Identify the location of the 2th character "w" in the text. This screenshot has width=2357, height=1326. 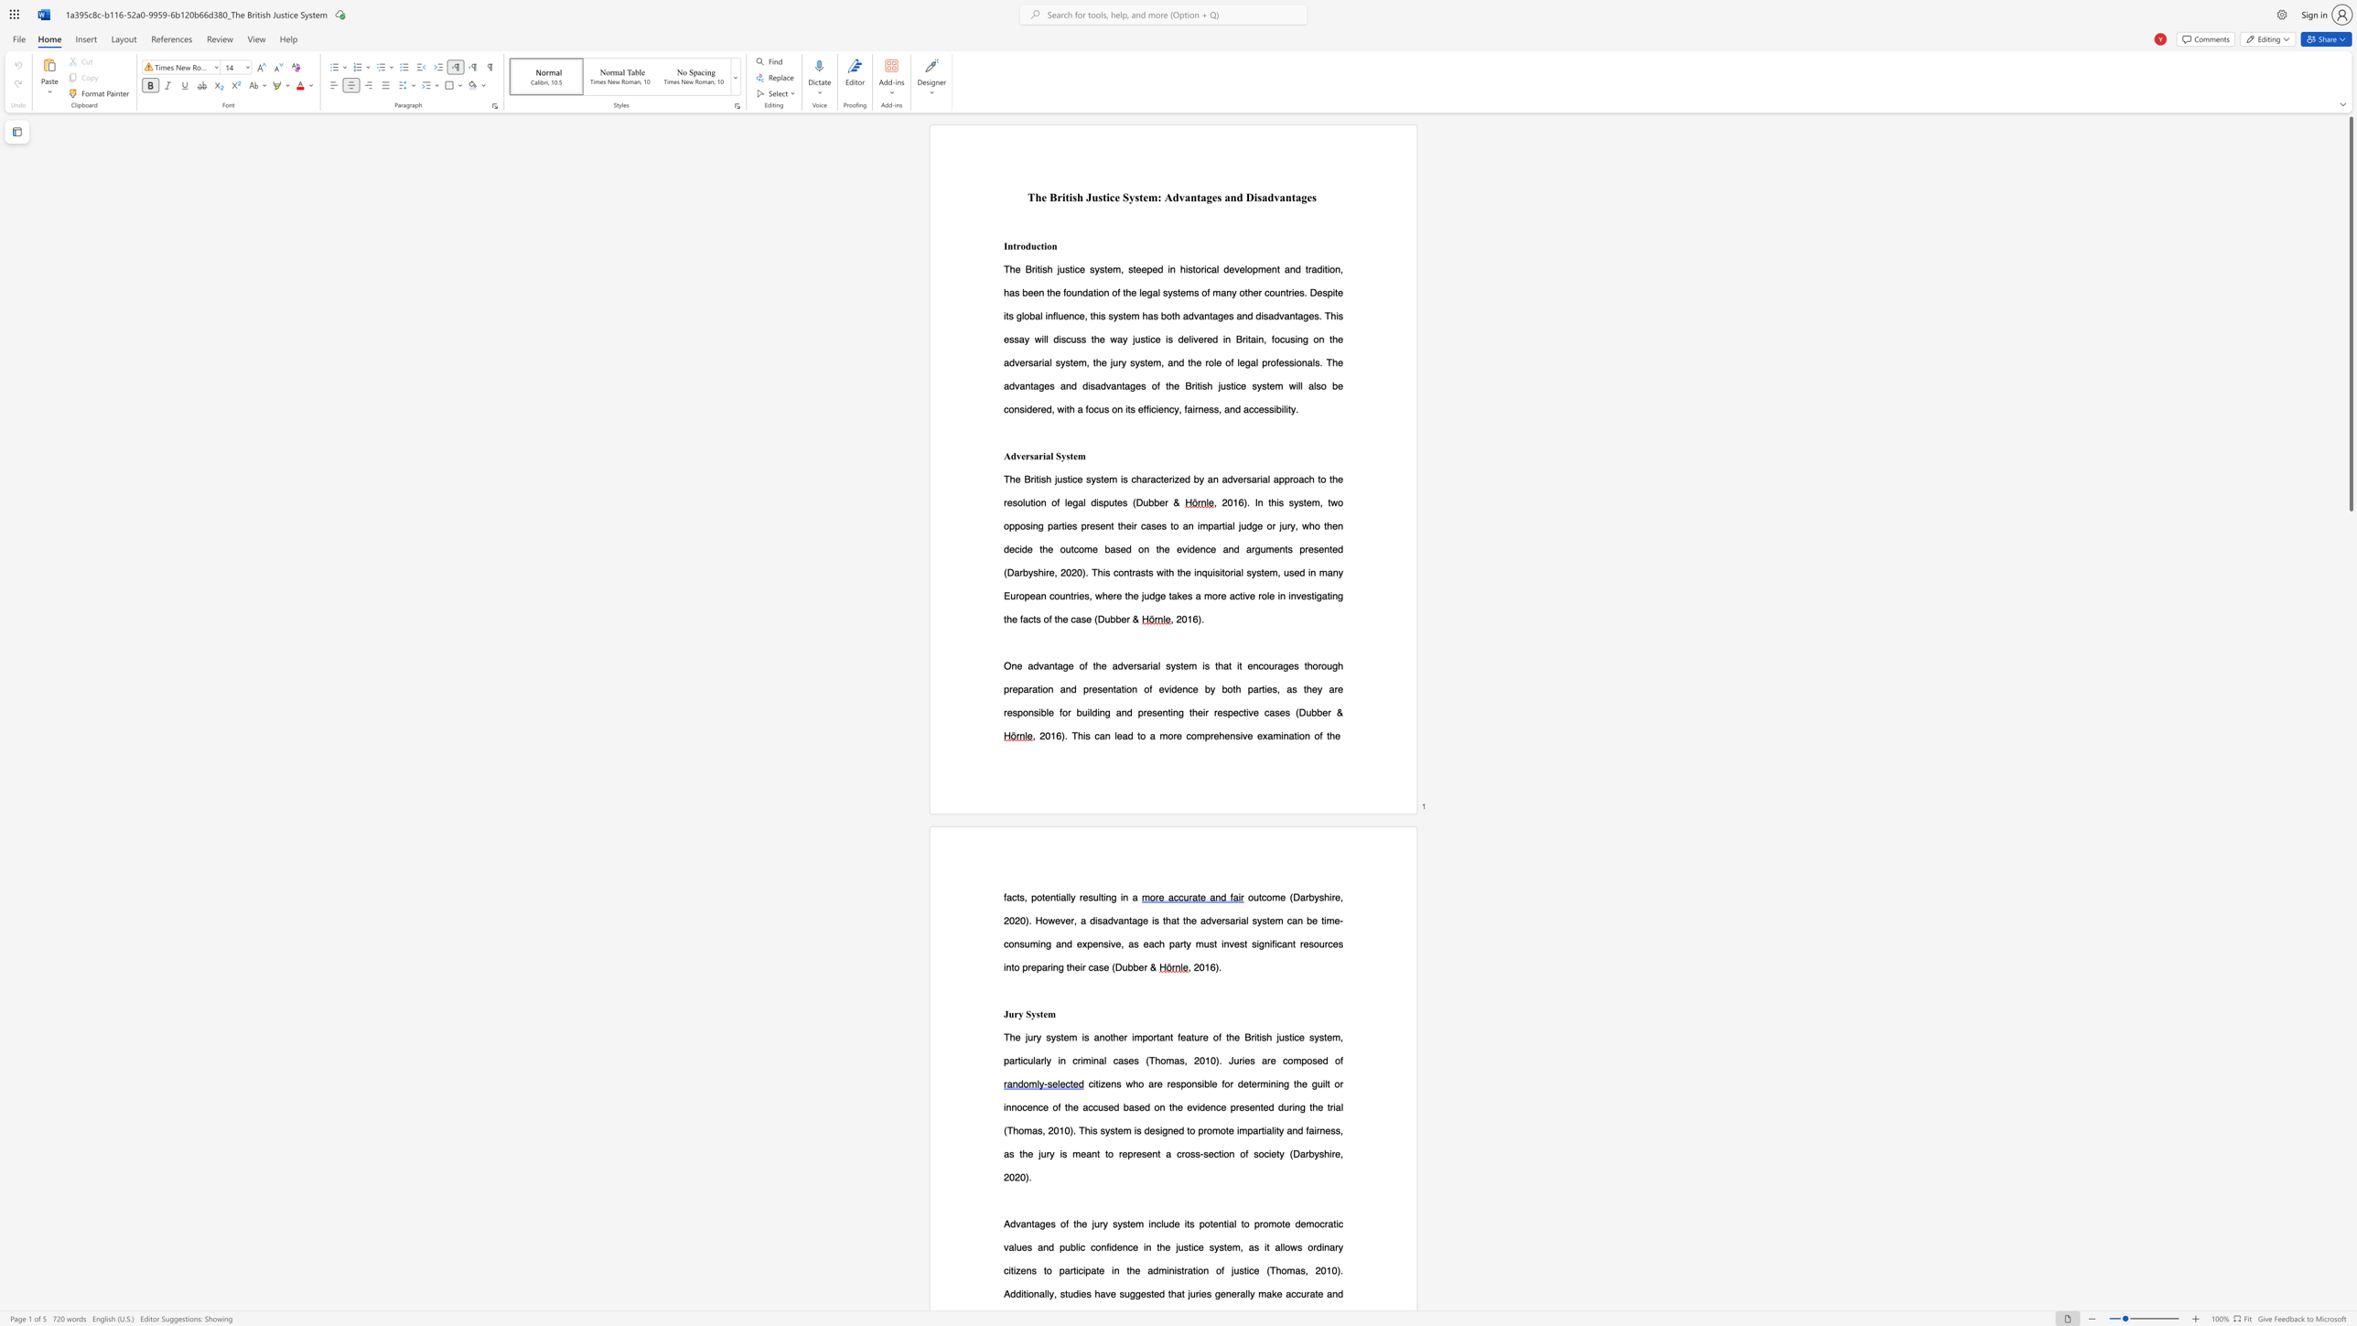
(1098, 594).